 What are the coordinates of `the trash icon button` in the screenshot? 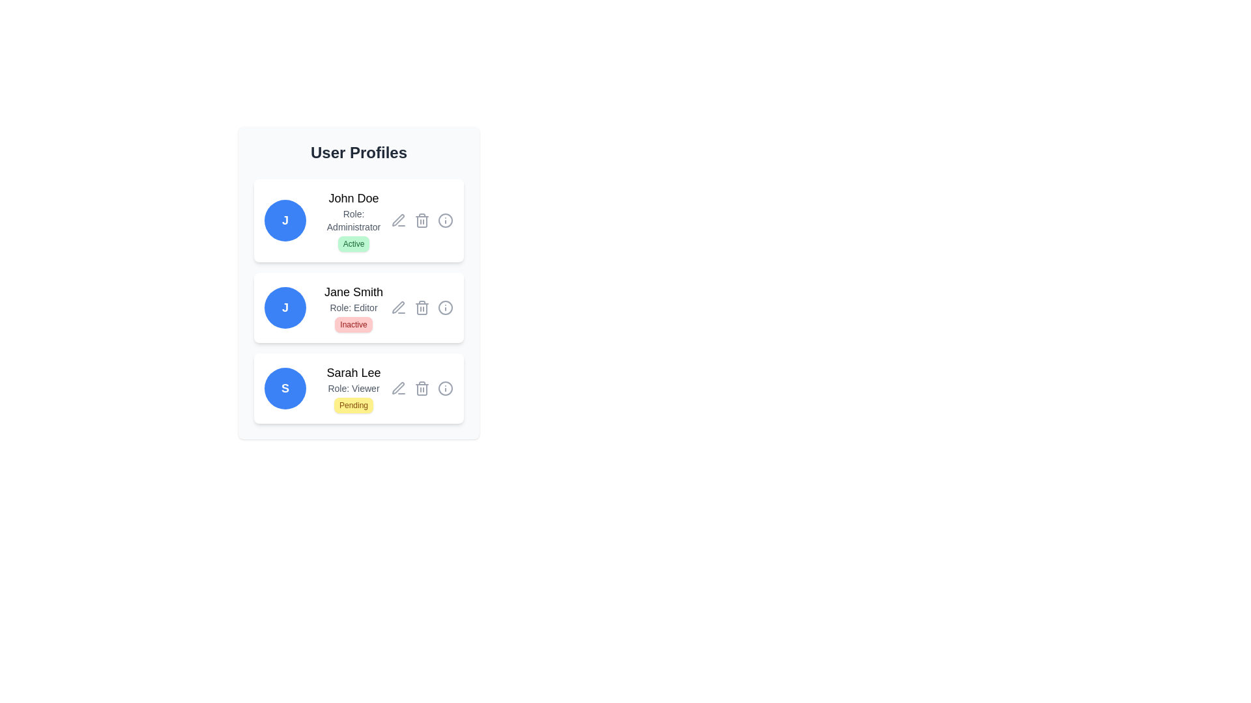 It's located at (422, 220).